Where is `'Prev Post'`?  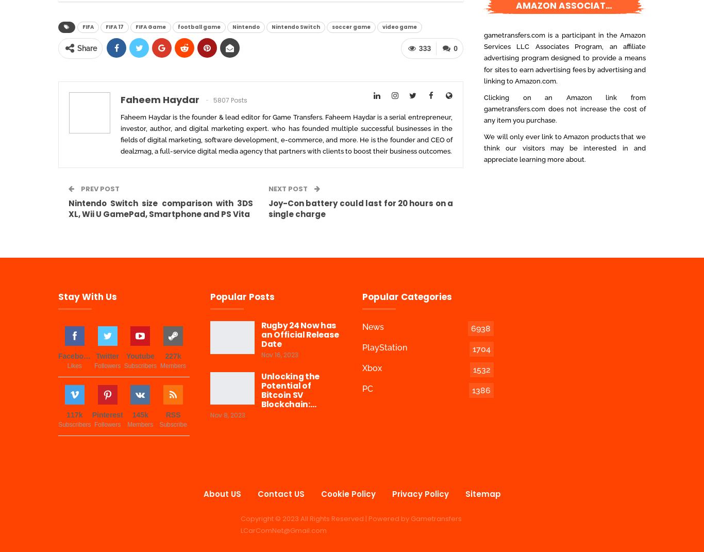
'Prev Post' is located at coordinates (99, 188).